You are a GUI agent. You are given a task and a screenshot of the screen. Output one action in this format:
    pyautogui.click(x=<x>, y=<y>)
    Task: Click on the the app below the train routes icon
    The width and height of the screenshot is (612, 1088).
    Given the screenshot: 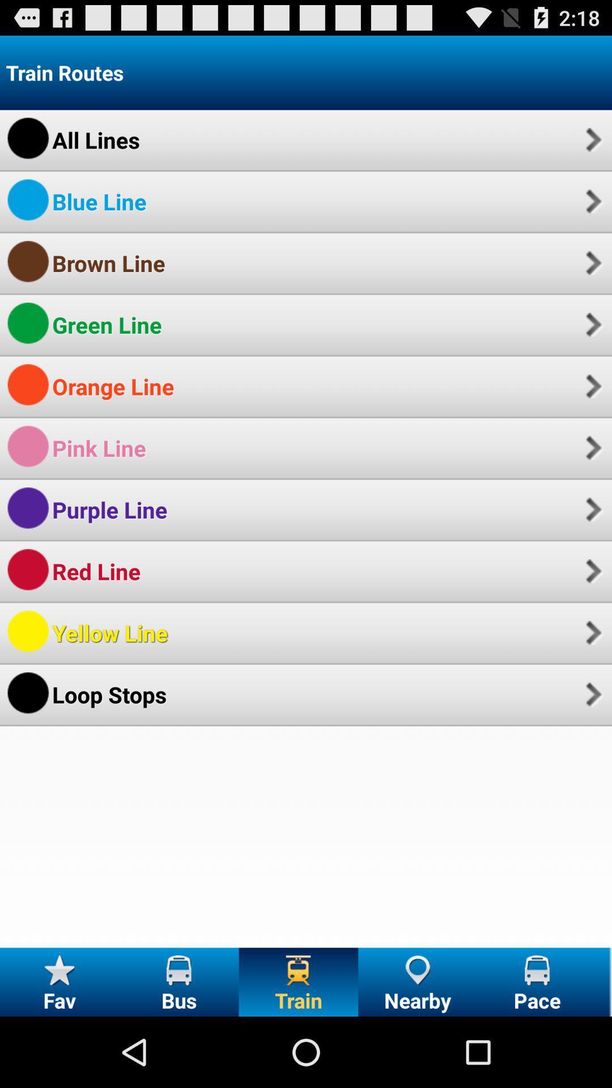 What is the action you would take?
    pyautogui.click(x=592, y=139)
    